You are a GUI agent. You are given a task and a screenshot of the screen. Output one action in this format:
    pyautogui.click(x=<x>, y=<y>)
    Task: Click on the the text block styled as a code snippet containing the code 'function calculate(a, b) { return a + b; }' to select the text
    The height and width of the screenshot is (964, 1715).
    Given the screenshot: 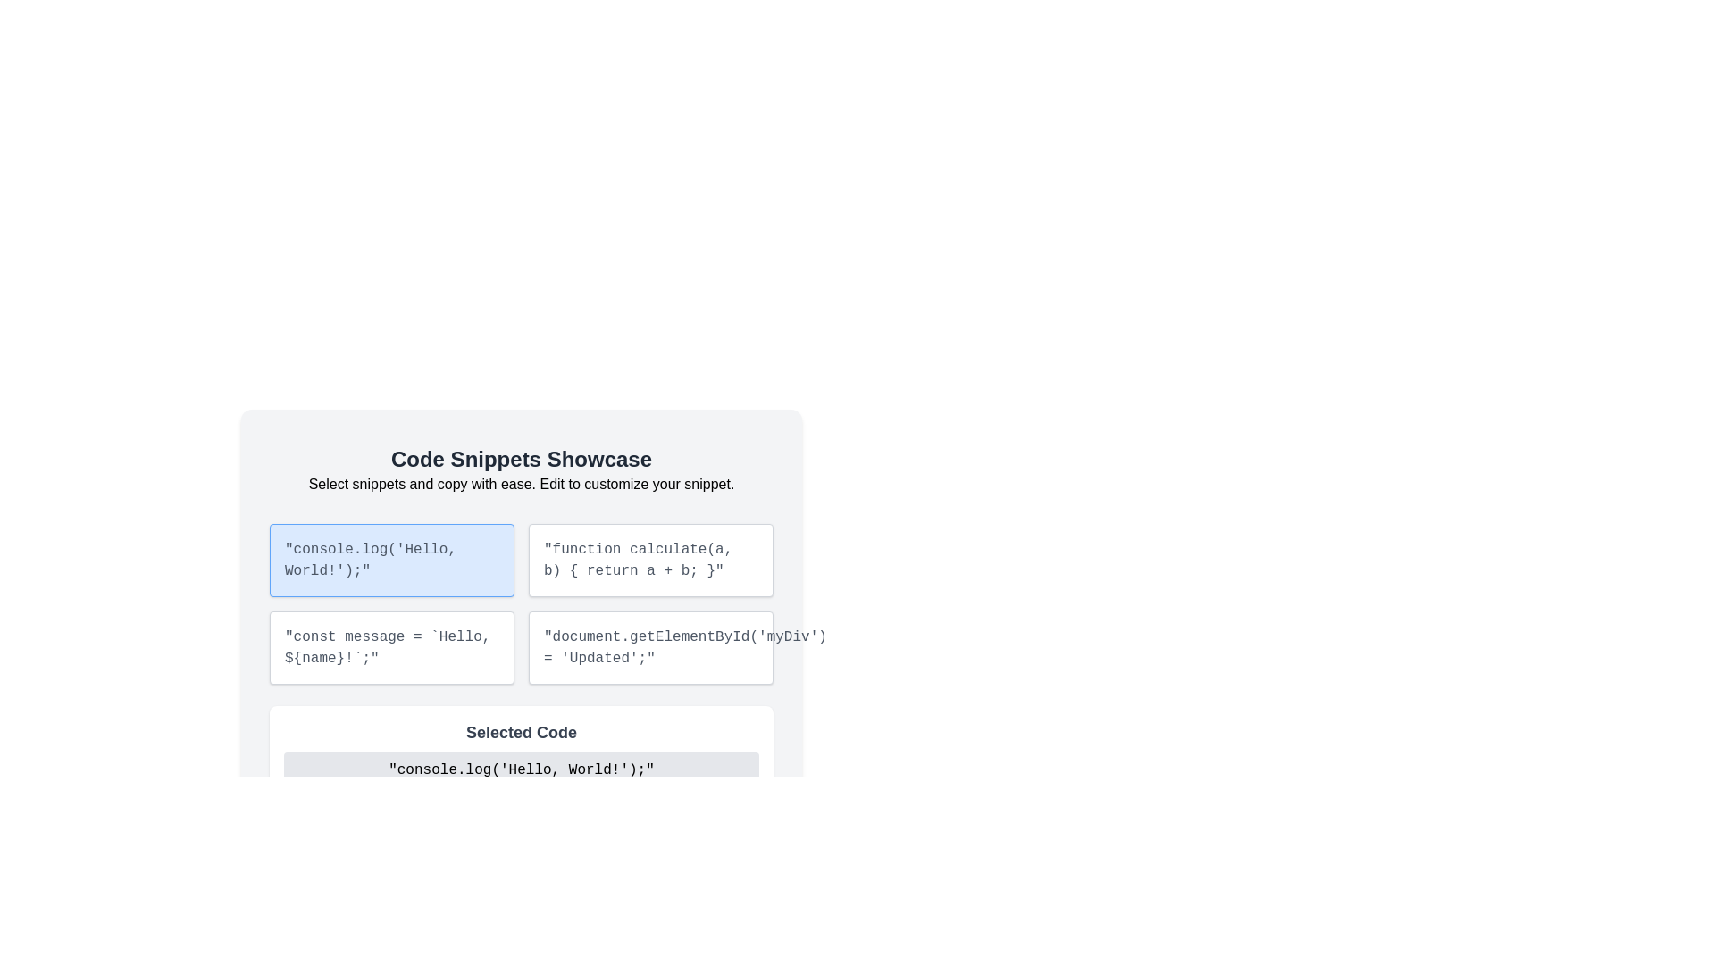 What is the action you would take?
    pyautogui.click(x=650, y=560)
    